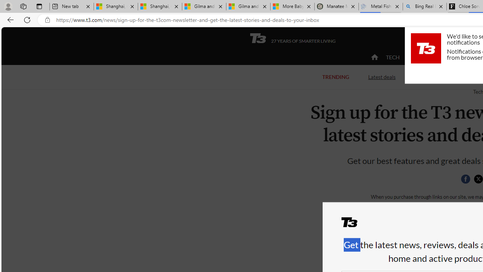  What do you see at coordinates (248, 6) in the screenshot?
I see `'Gilma and Hector both pose tropical trouble for Hawaii'` at bounding box center [248, 6].